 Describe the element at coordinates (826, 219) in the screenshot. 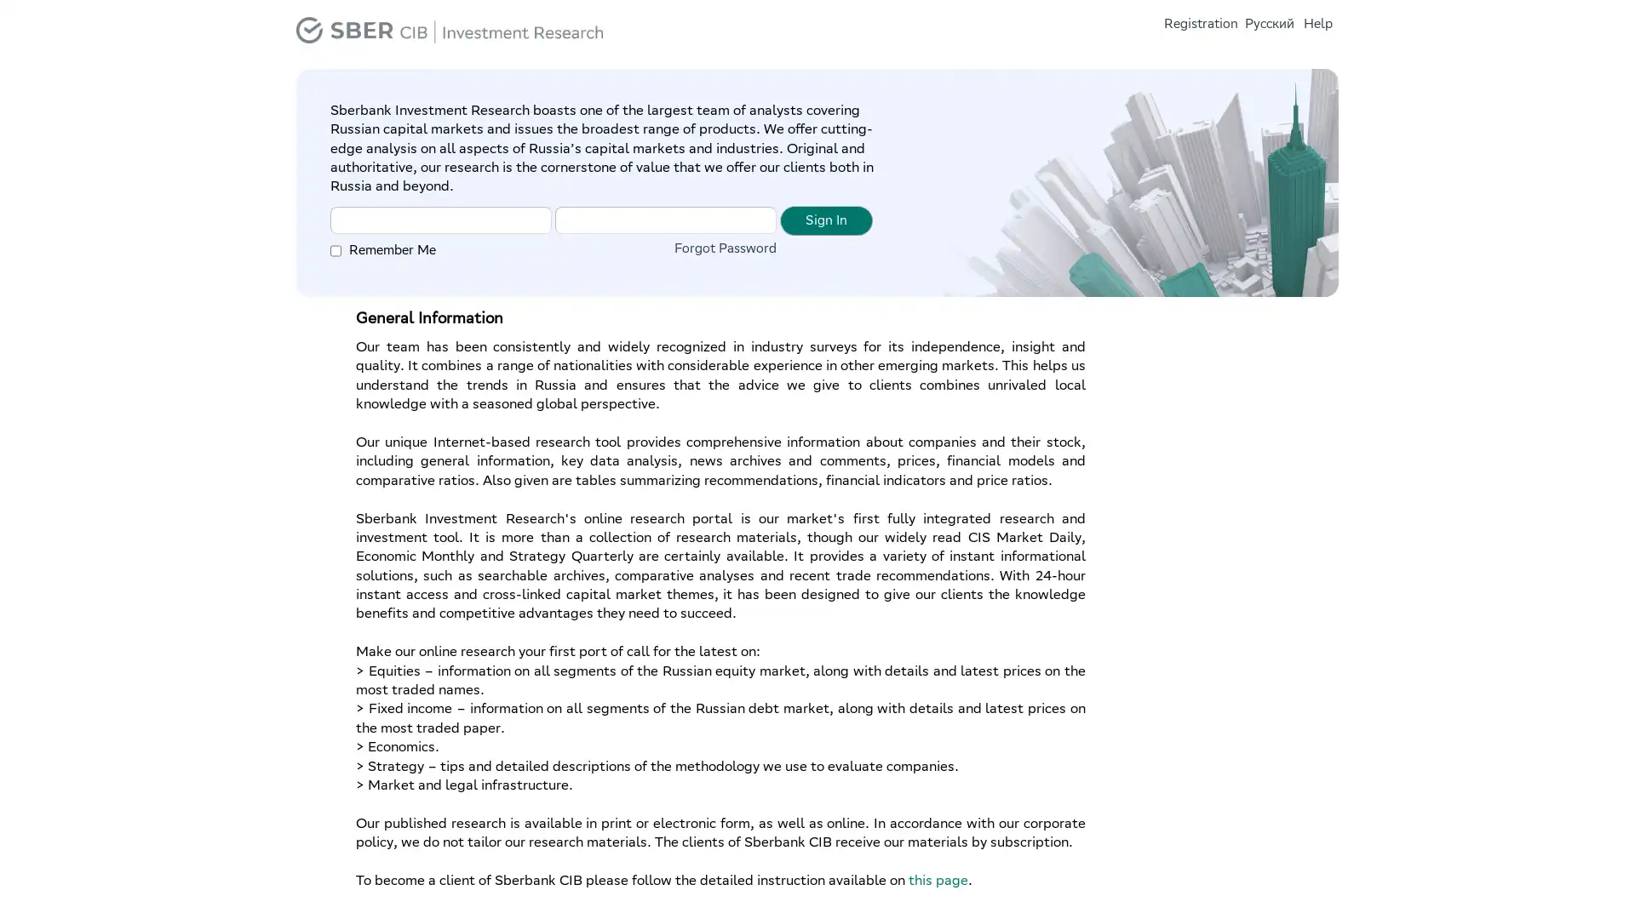

I see `Sign In` at that location.